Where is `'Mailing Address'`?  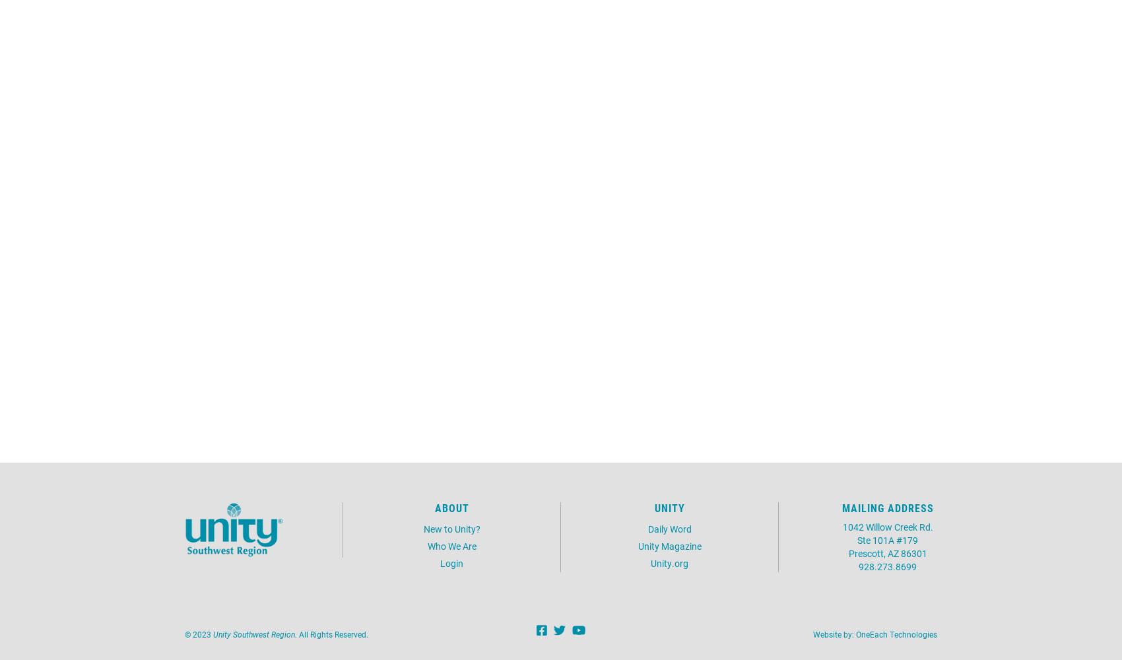
'Mailing Address' is located at coordinates (887, 508).